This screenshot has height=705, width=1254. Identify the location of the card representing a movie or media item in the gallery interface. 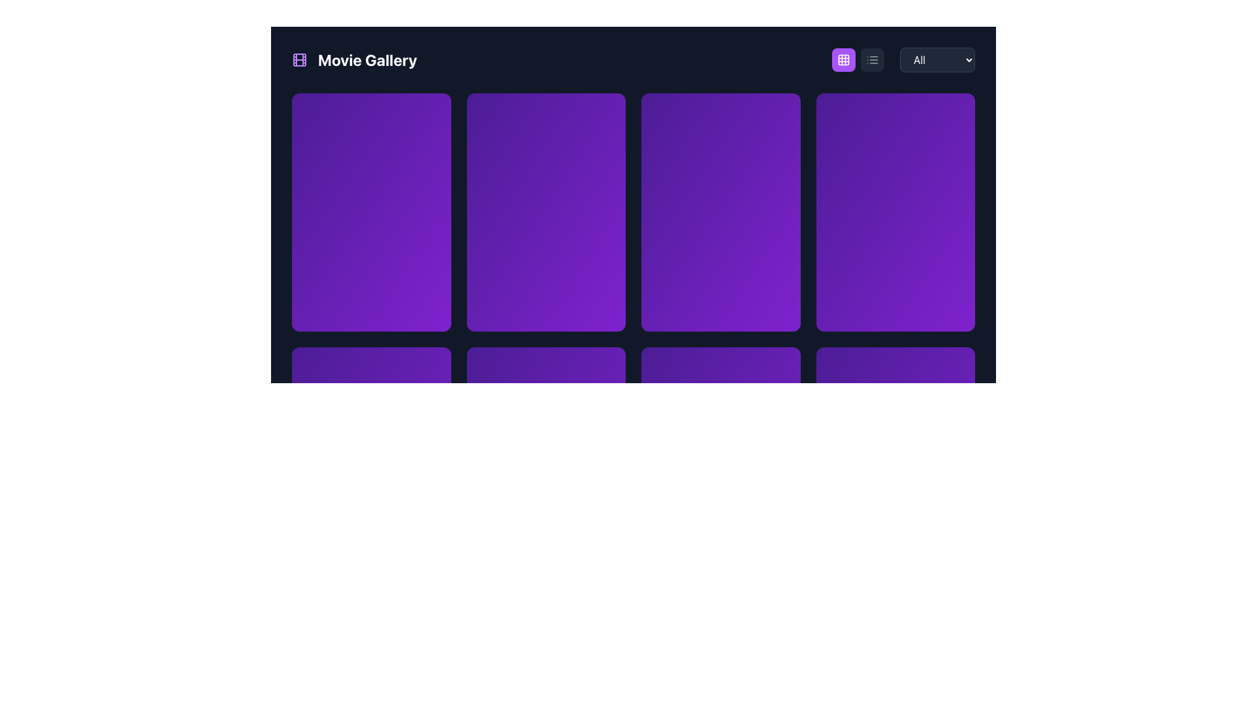
(895, 211).